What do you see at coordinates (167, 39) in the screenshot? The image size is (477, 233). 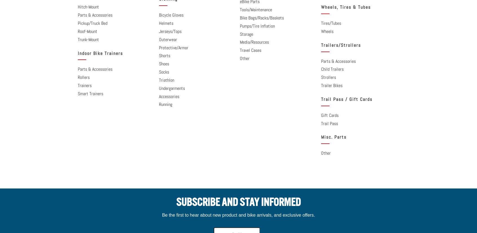 I see `'Outerwear'` at bounding box center [167, 39].